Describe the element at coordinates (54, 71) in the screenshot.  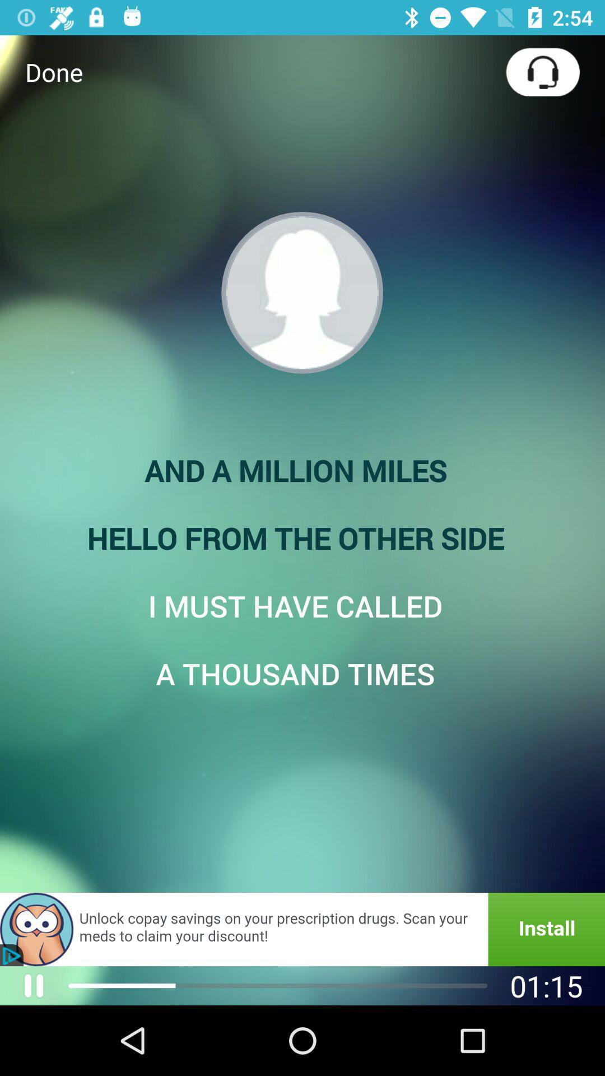
I see `done icon` at that location.